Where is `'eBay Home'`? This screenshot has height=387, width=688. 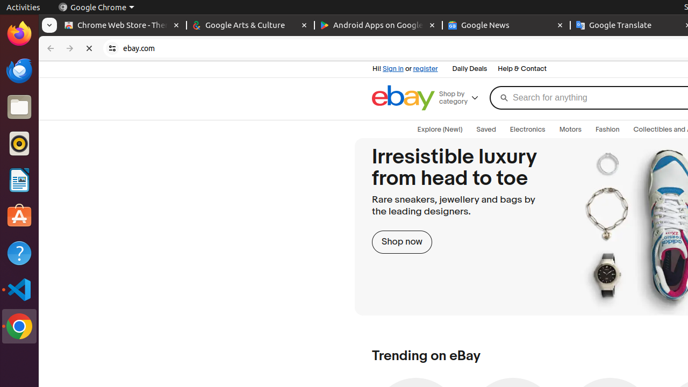 'eBay Home' is located at coordinates (403, 98).